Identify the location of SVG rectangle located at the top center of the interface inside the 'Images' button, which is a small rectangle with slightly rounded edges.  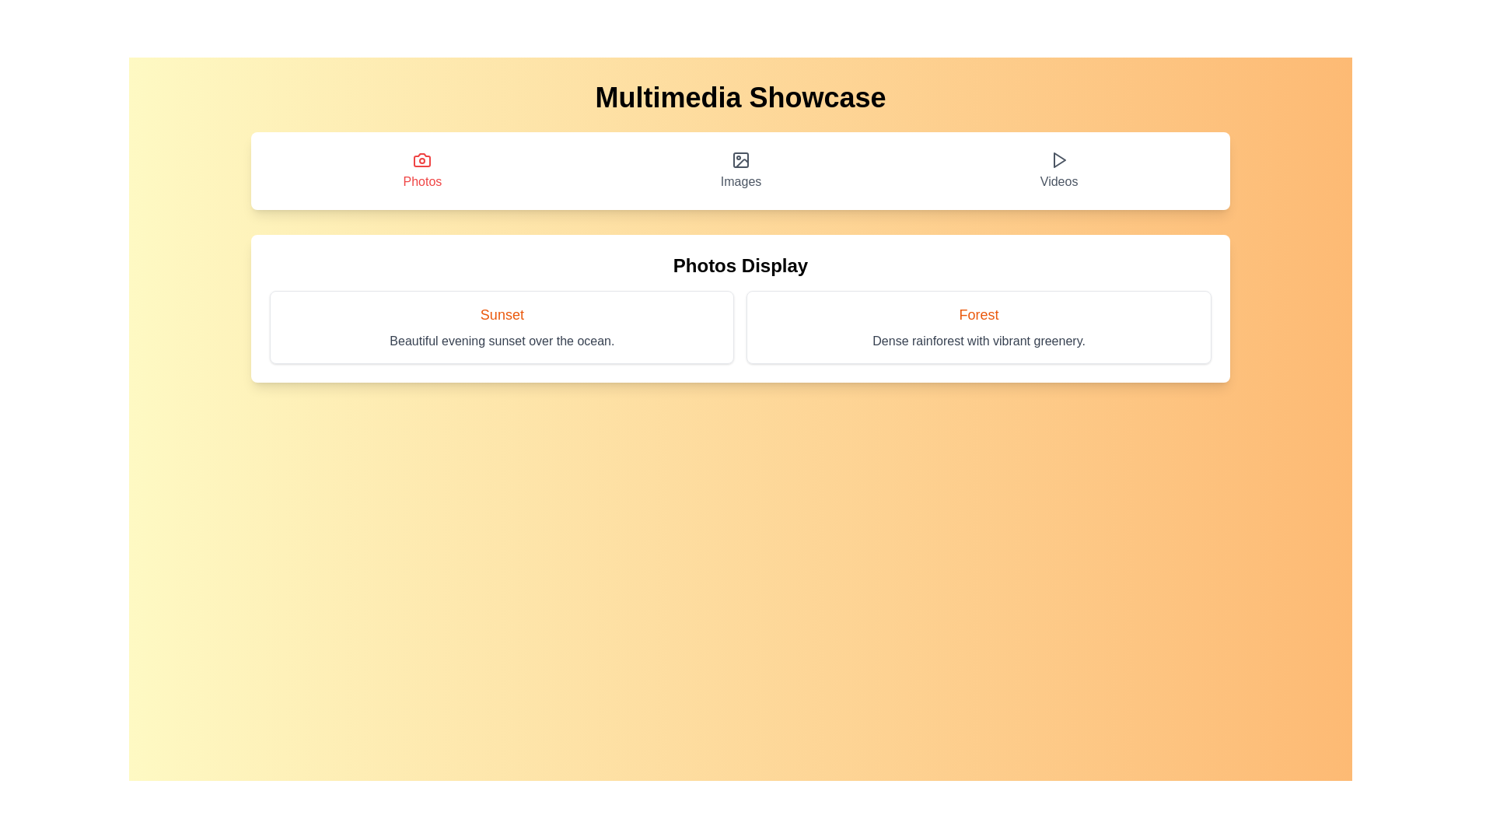
(740, 159).